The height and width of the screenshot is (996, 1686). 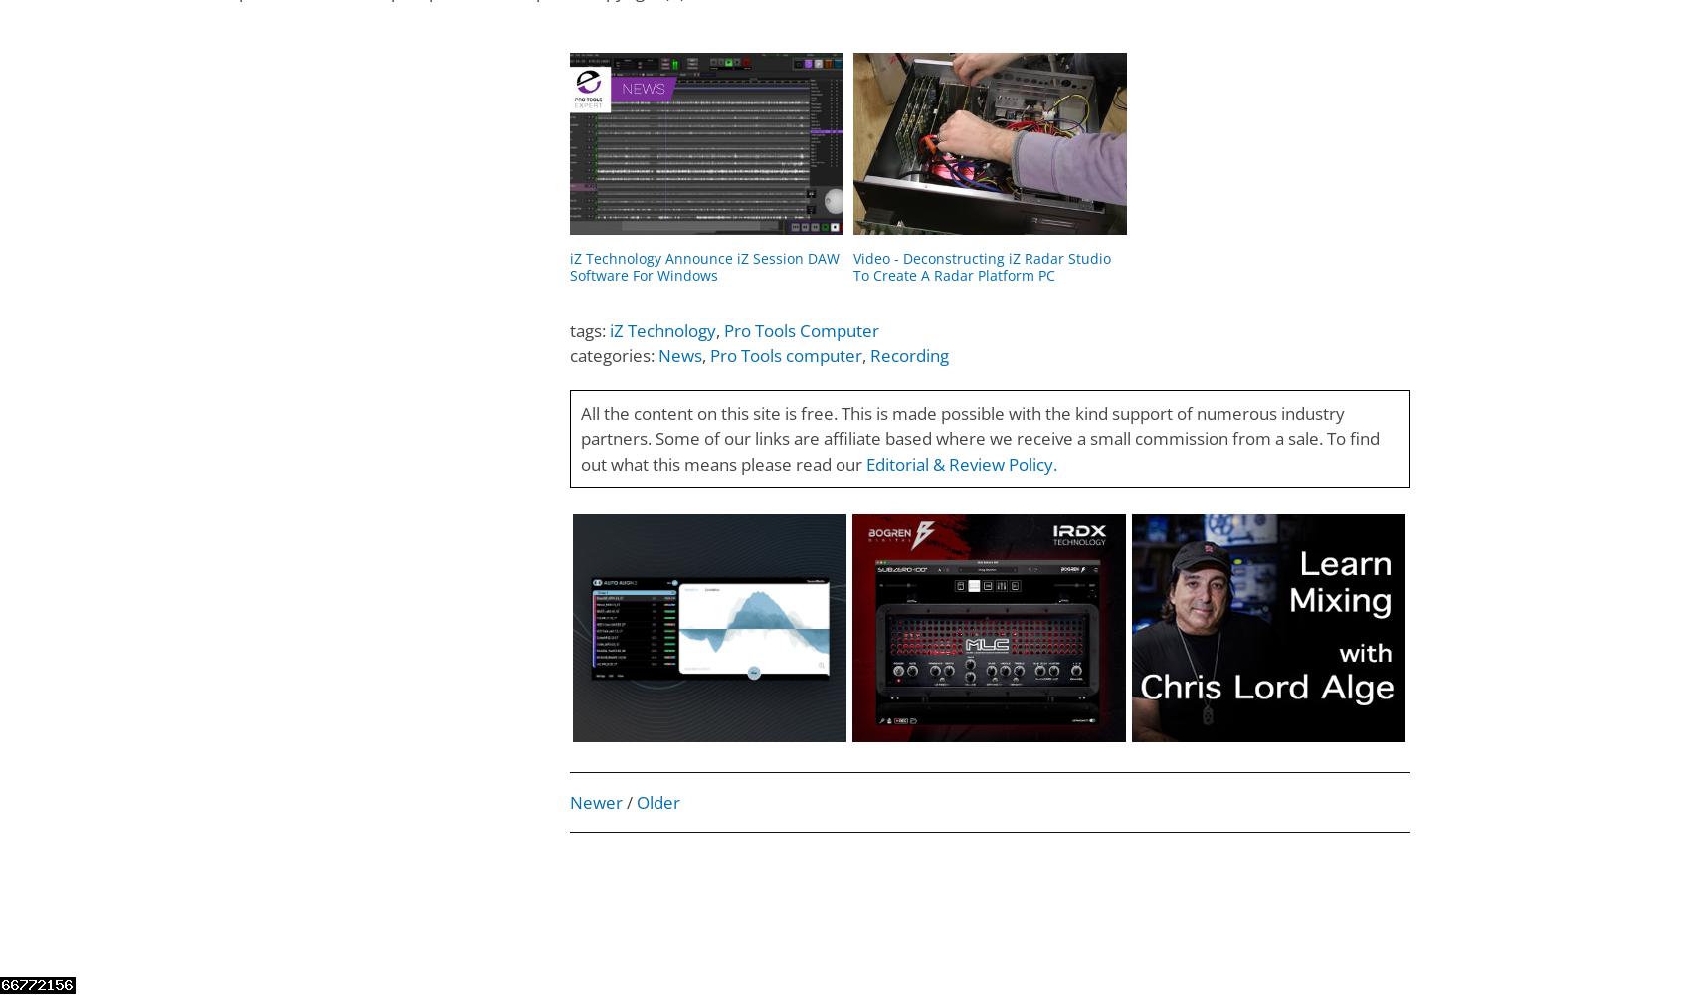 What do you see at coordinates (679, 355) in the screenshot?
I see `'News'` at bounding box center [679, 355].